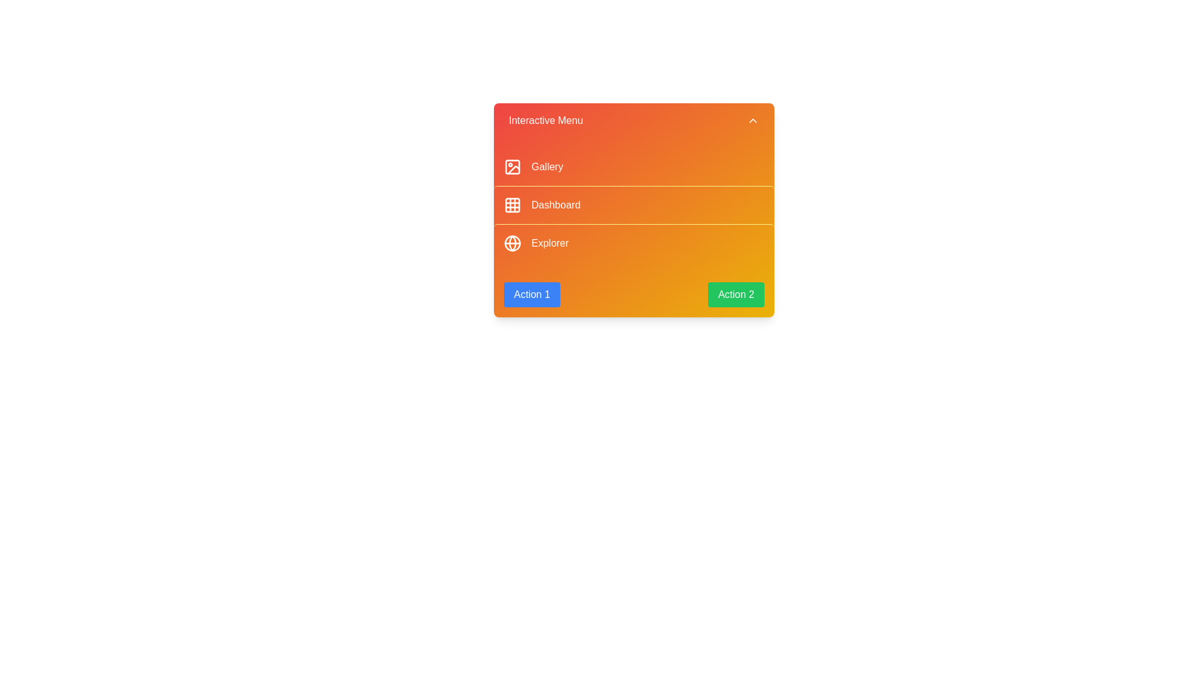 The height and width of the screenshot is (676, 1202). What do you see at coordinates (634, 243) in the screenshot?
I see `the menu item corresponding to Explorer` at bounding box center [634, 243].